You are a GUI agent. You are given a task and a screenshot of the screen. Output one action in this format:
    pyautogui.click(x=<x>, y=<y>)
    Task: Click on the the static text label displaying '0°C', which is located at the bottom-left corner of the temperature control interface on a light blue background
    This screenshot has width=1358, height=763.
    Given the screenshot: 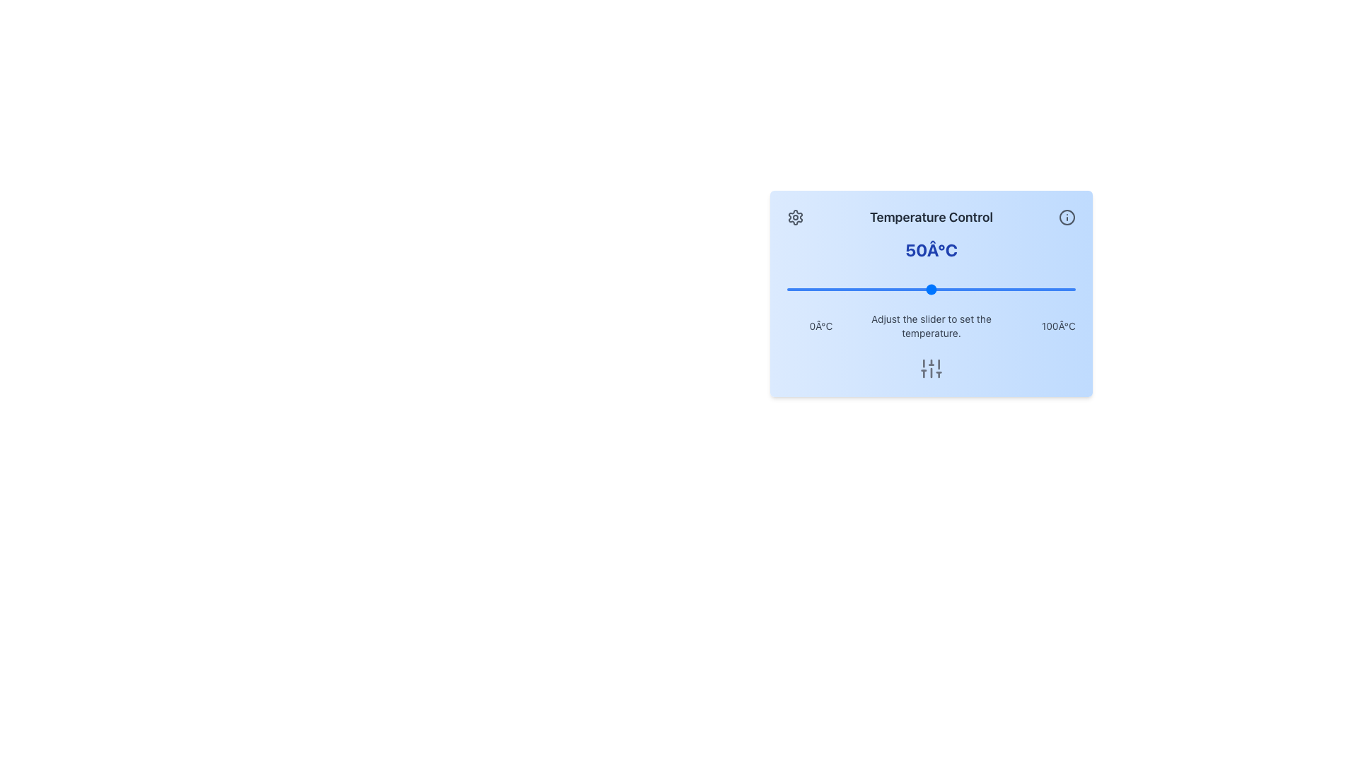 What is the action you would take?
    pyautogui.click(x=821, y=326)
    